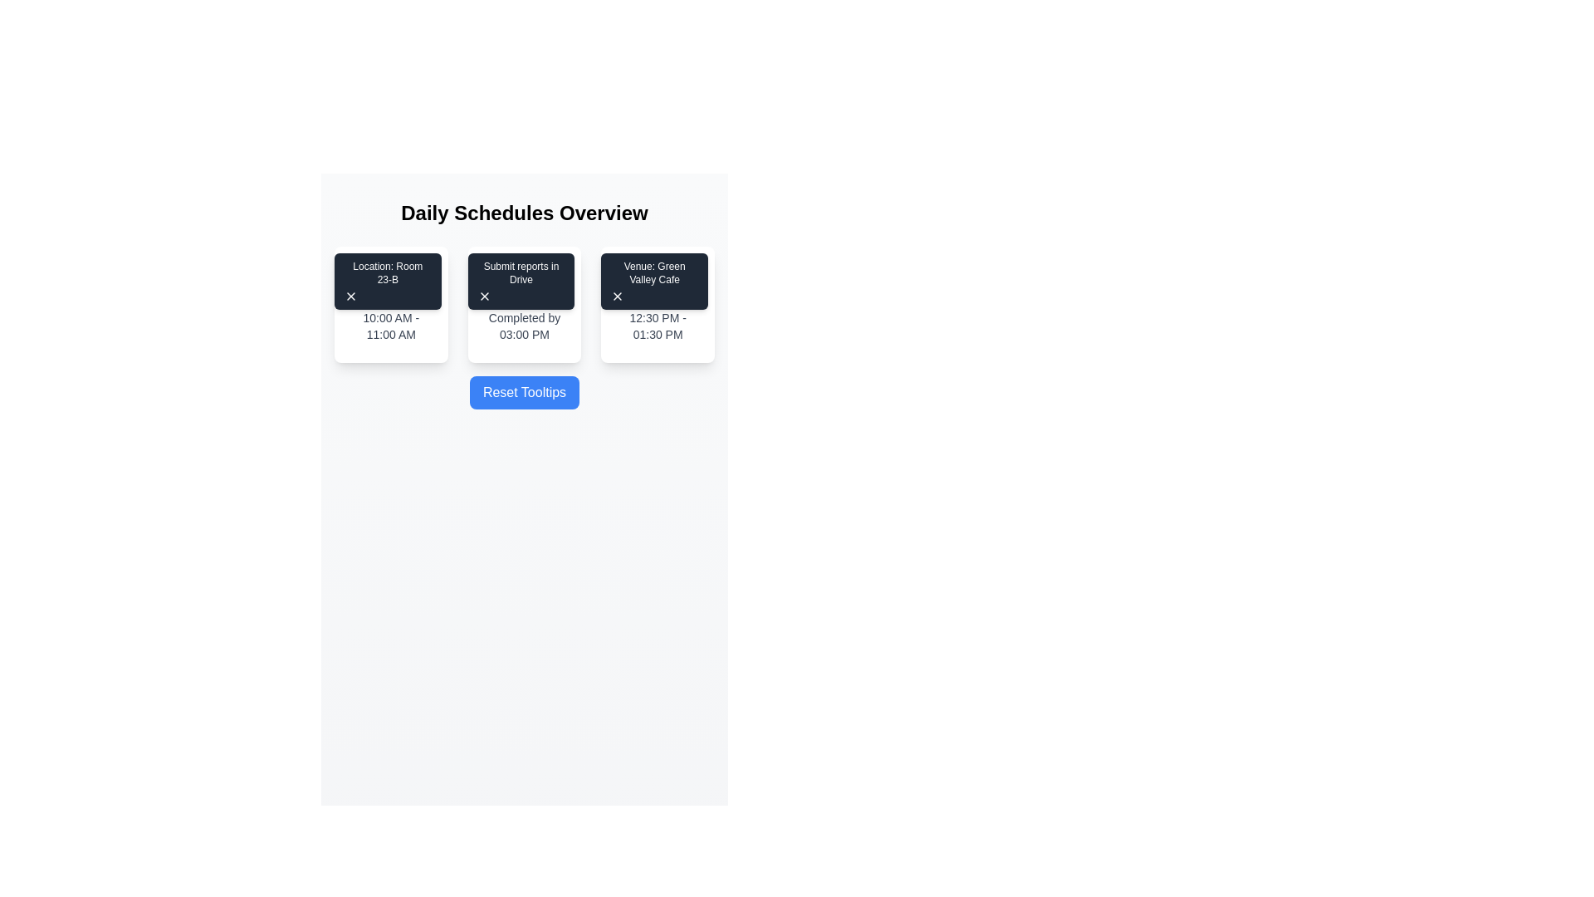 The image size is (1594, 897). Describe the element at coordinates (617, 296) in the screenshot. I see `the 'X' icon button in the top-right corner of the card displaying 'Venue: Green Valley Cafe'` at that location.